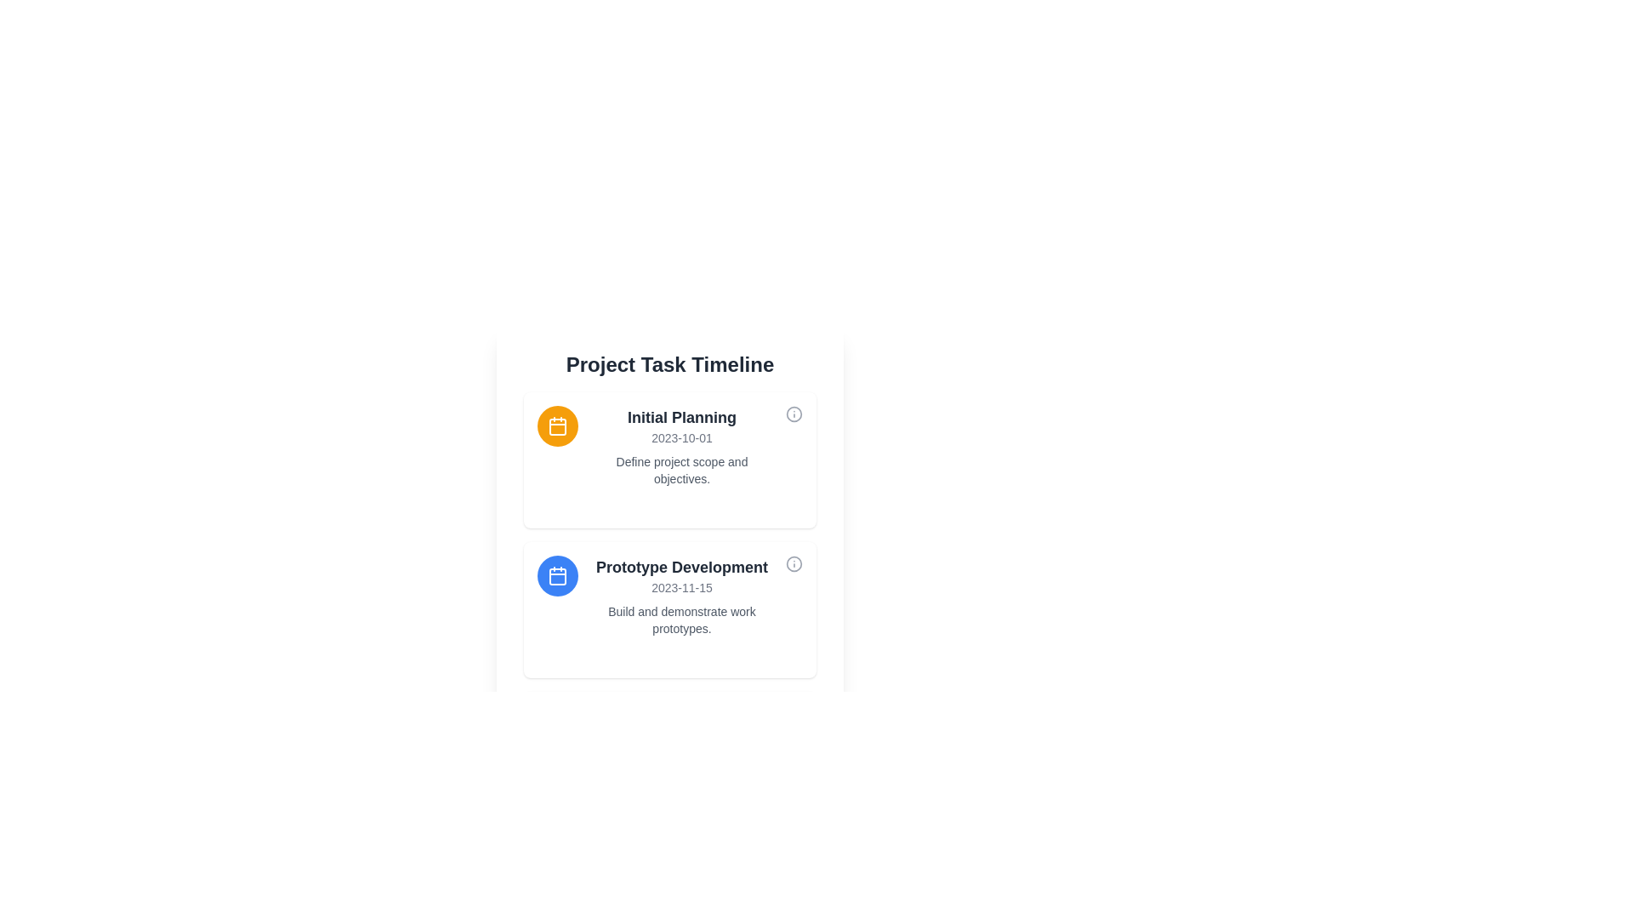 The width and height of the screenshot is (1633, 919). I want to click on the small rectangular blue calendar icon located to the left of the task named 'Prototype Development', so click(558, 576).